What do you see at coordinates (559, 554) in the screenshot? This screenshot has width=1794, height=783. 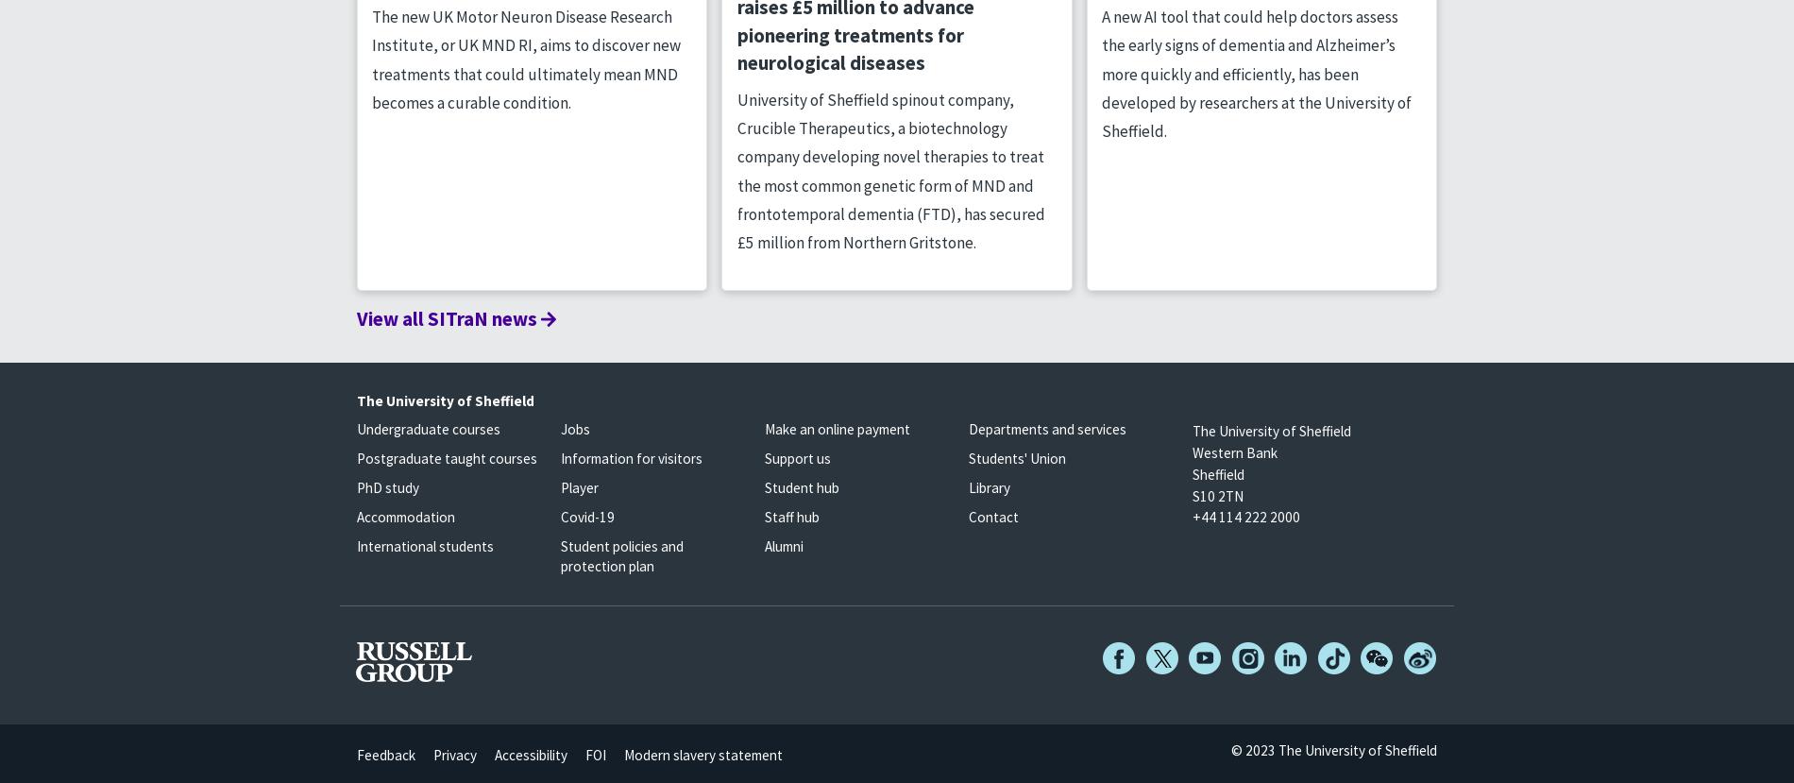 I see `'Student policies and protection plan'` at bounding box center [559, 554].